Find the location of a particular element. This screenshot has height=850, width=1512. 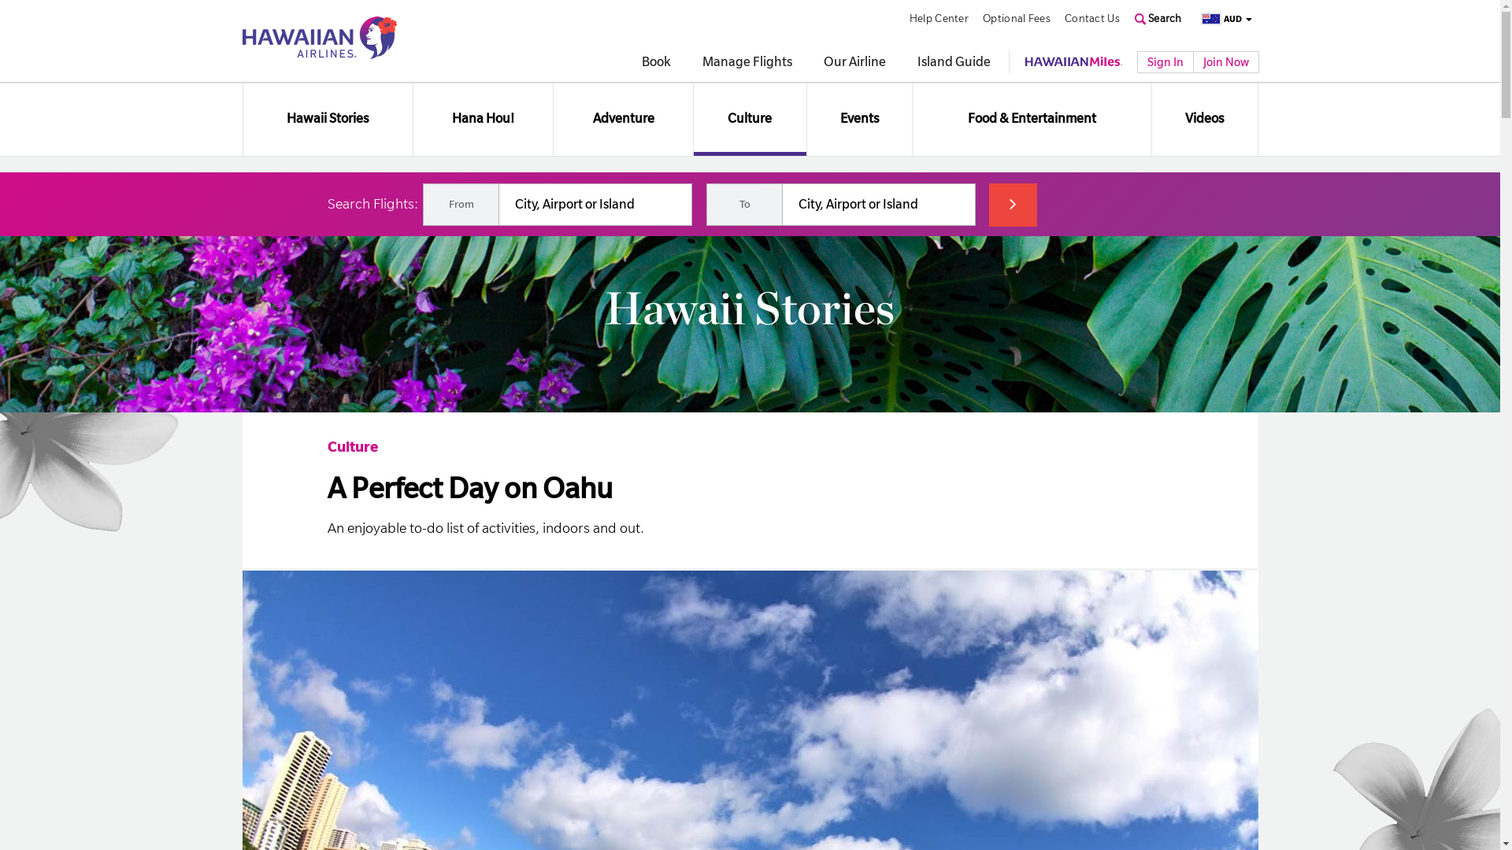

'Sign In' is located at coordinates (1165, 61).